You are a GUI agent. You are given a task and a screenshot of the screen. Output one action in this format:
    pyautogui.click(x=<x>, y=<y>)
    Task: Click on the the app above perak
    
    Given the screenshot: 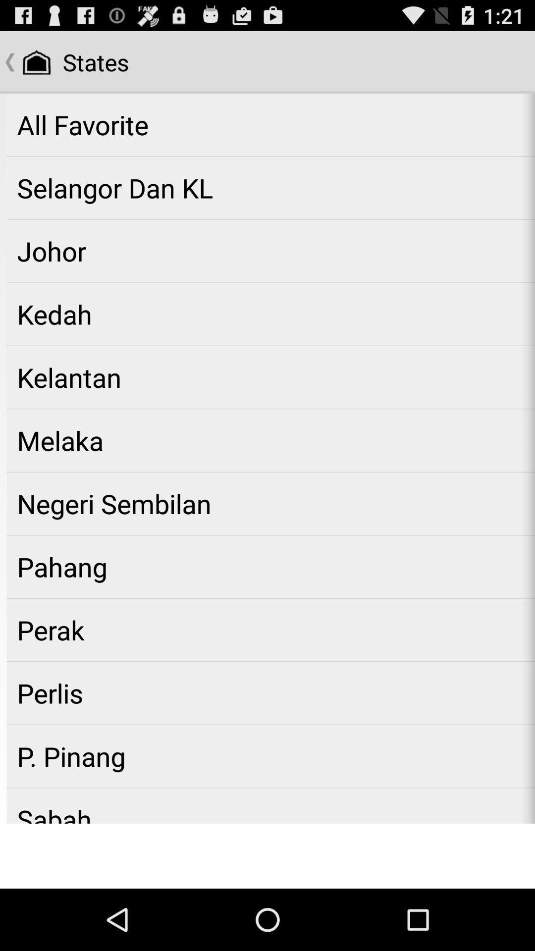 What is the action you would take?
    pyautogui.click(x=270, y=567)
    